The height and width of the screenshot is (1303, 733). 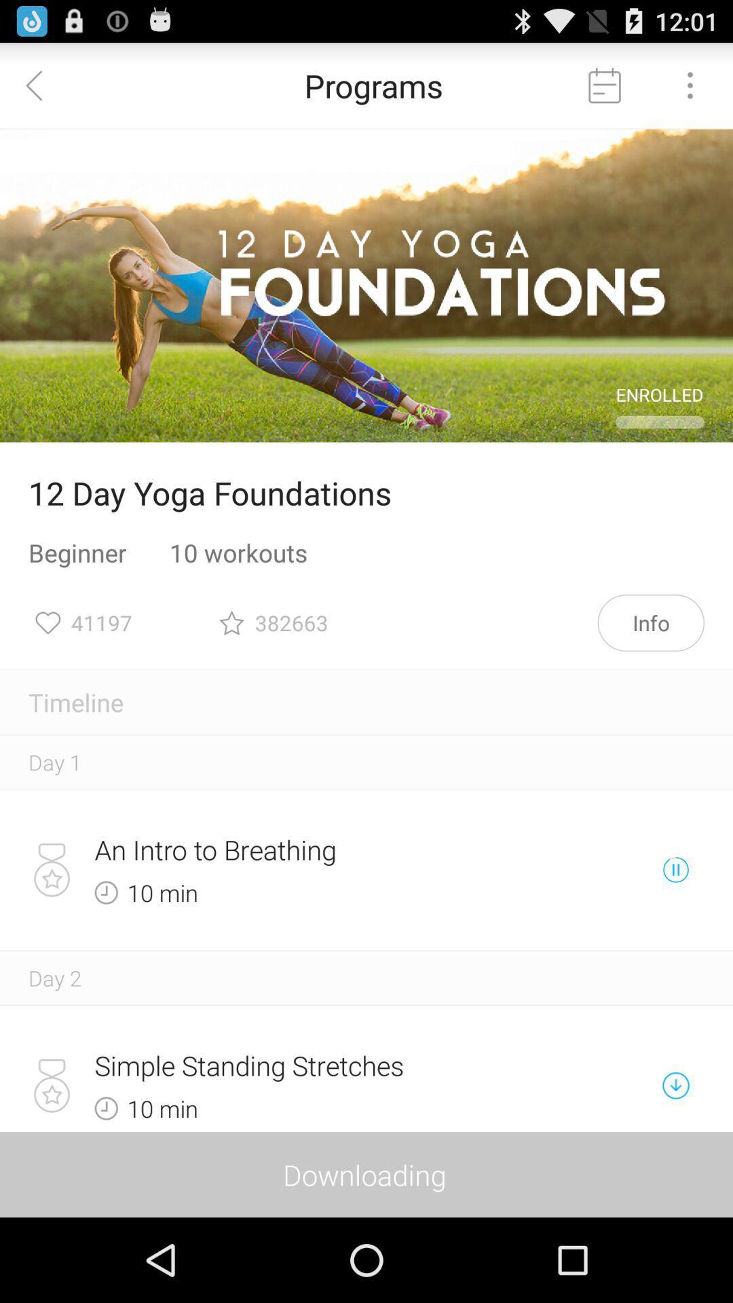 What do you see at coordinates (675, 1084) in the screenshot?
I see `icon next to simple standing stretches icon` at bounding box center [675, 1084].